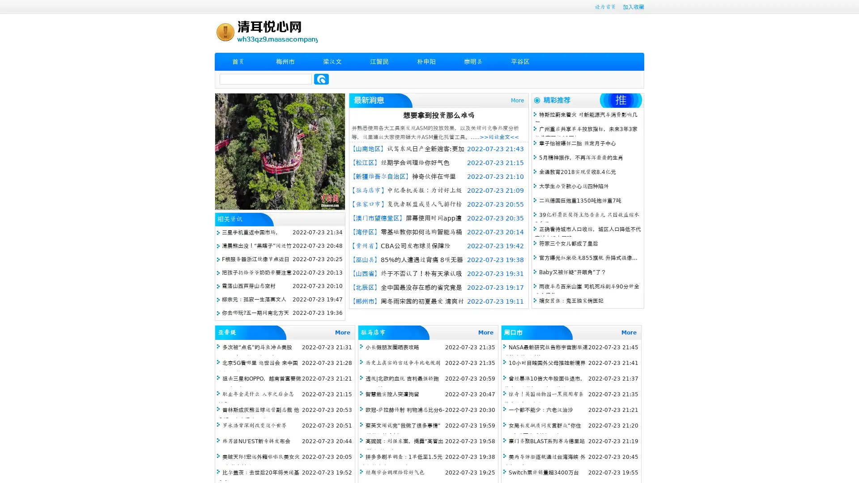  Describe the element at coordinates (321, 79) in the screenshot. I see `Search` at that location.